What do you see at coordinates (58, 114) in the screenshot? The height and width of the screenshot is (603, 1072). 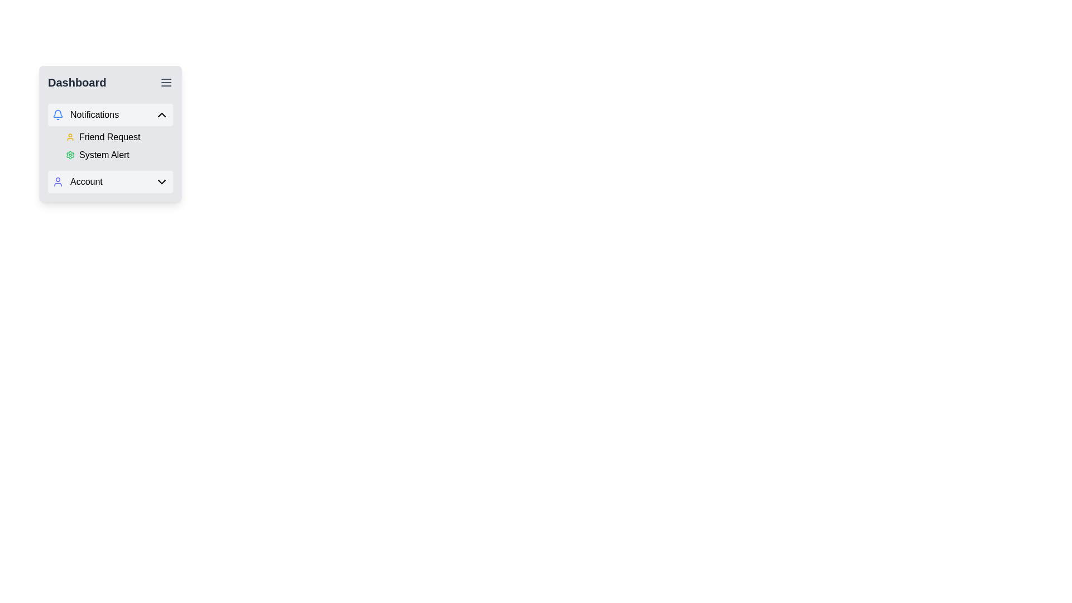 I see `the bell icon located on the left side of the 'Notifications' label, which is vertically centered within the menu item` at bounding box center [58, 114].